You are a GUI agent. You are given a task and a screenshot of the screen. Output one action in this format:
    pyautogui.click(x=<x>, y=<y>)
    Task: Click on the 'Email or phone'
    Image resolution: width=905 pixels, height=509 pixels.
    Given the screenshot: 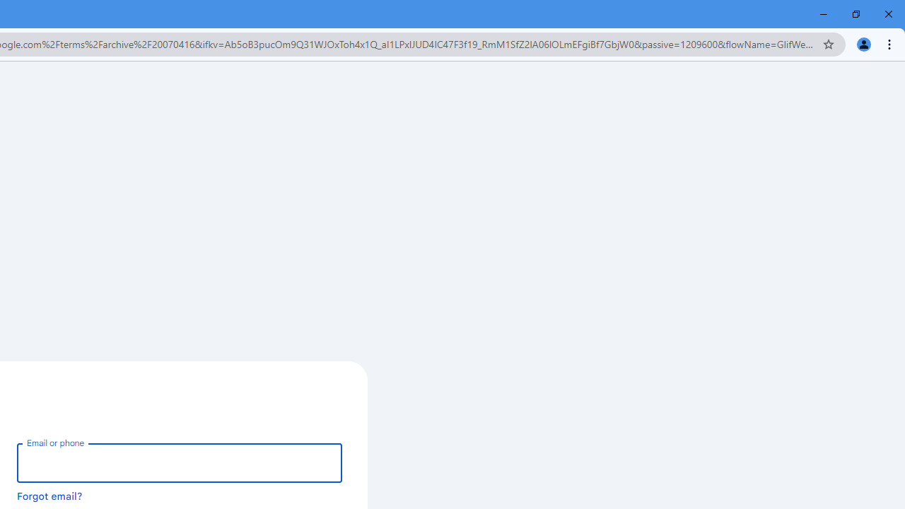 What is the action you would take?
    pyautogui.click(x=179, y=462)
    